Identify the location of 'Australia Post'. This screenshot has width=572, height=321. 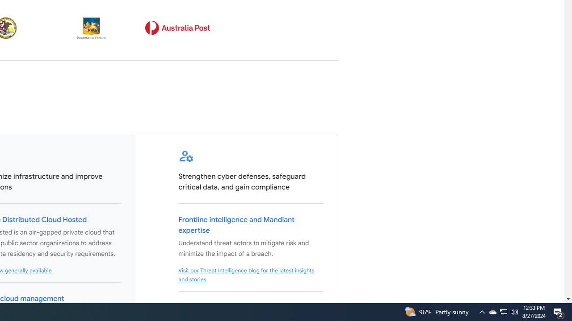
(177, 28).